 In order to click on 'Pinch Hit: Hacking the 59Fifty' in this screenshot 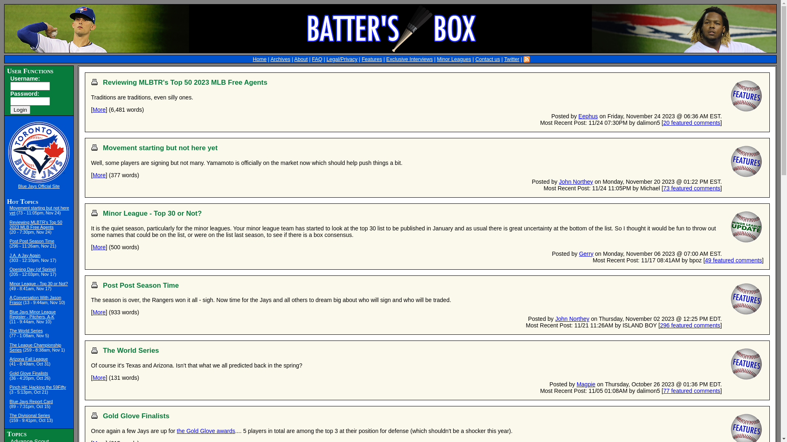, I will do `click(37, 387)`.